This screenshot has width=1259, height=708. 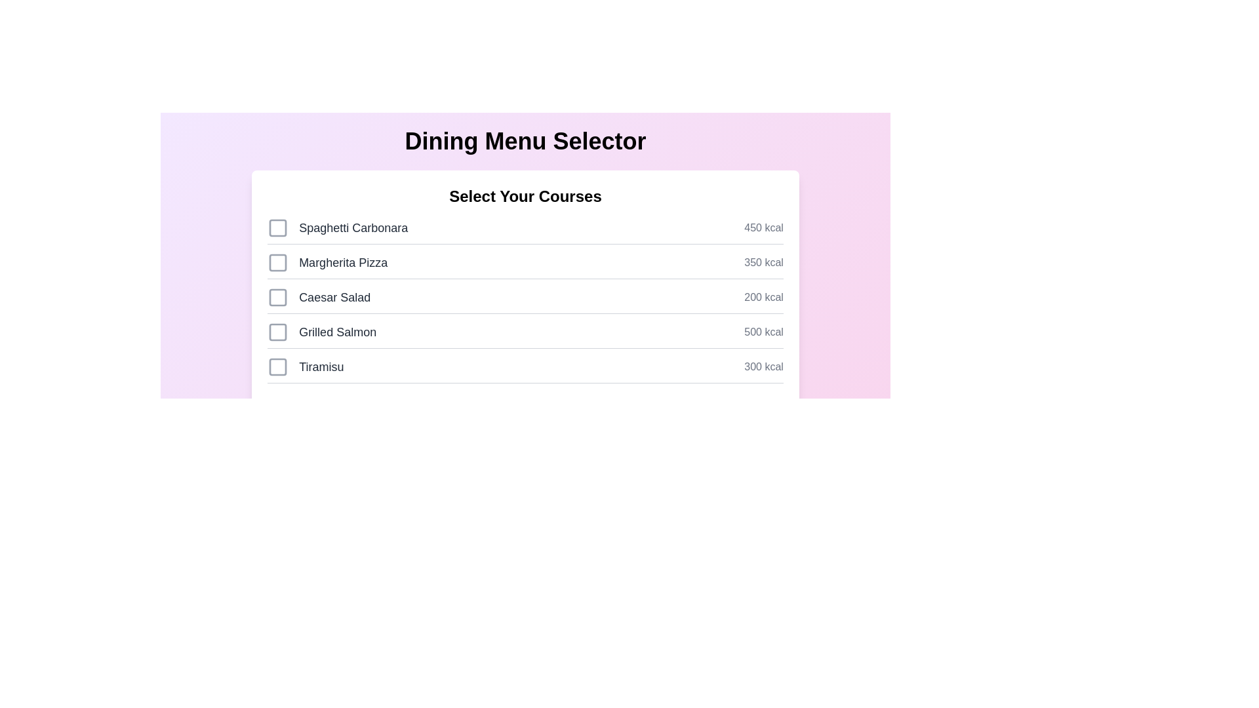 What do you see at coordinates (277, 366) in the screenshot?
I see `the checkbox for the dish Tiramisu` at bounding box center [277, 366].